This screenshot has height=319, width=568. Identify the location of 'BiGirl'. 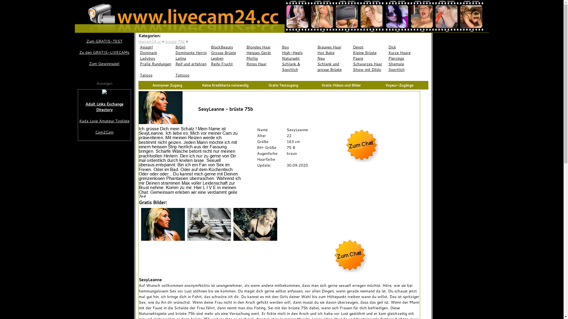
(192, 47).